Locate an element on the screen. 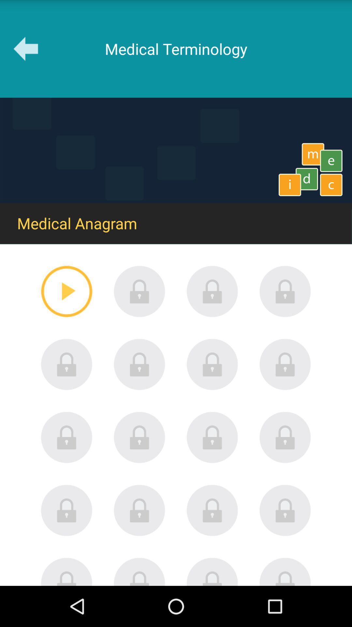 Image resolution: width=352 pixels, height=627 pixels. lock is located at coordinates (285, 437).